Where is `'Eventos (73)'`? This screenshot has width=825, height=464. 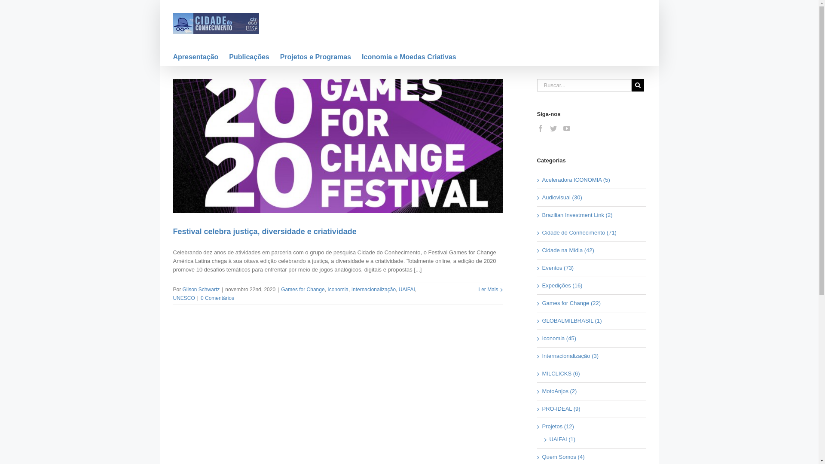 'Eventos (73)' is located at coordinates (542, 268).